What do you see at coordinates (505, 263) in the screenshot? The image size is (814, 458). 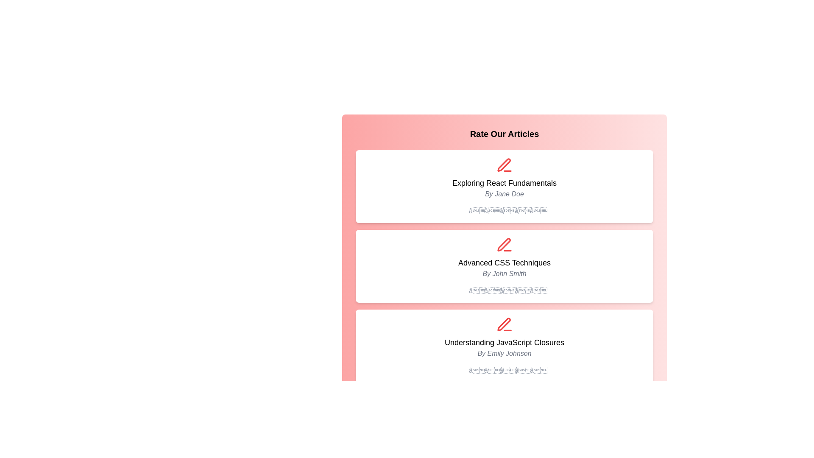 I see `the article titled 'Advanced CSS Techniques' by 'John Smith'` at bounding box center [505, 263].